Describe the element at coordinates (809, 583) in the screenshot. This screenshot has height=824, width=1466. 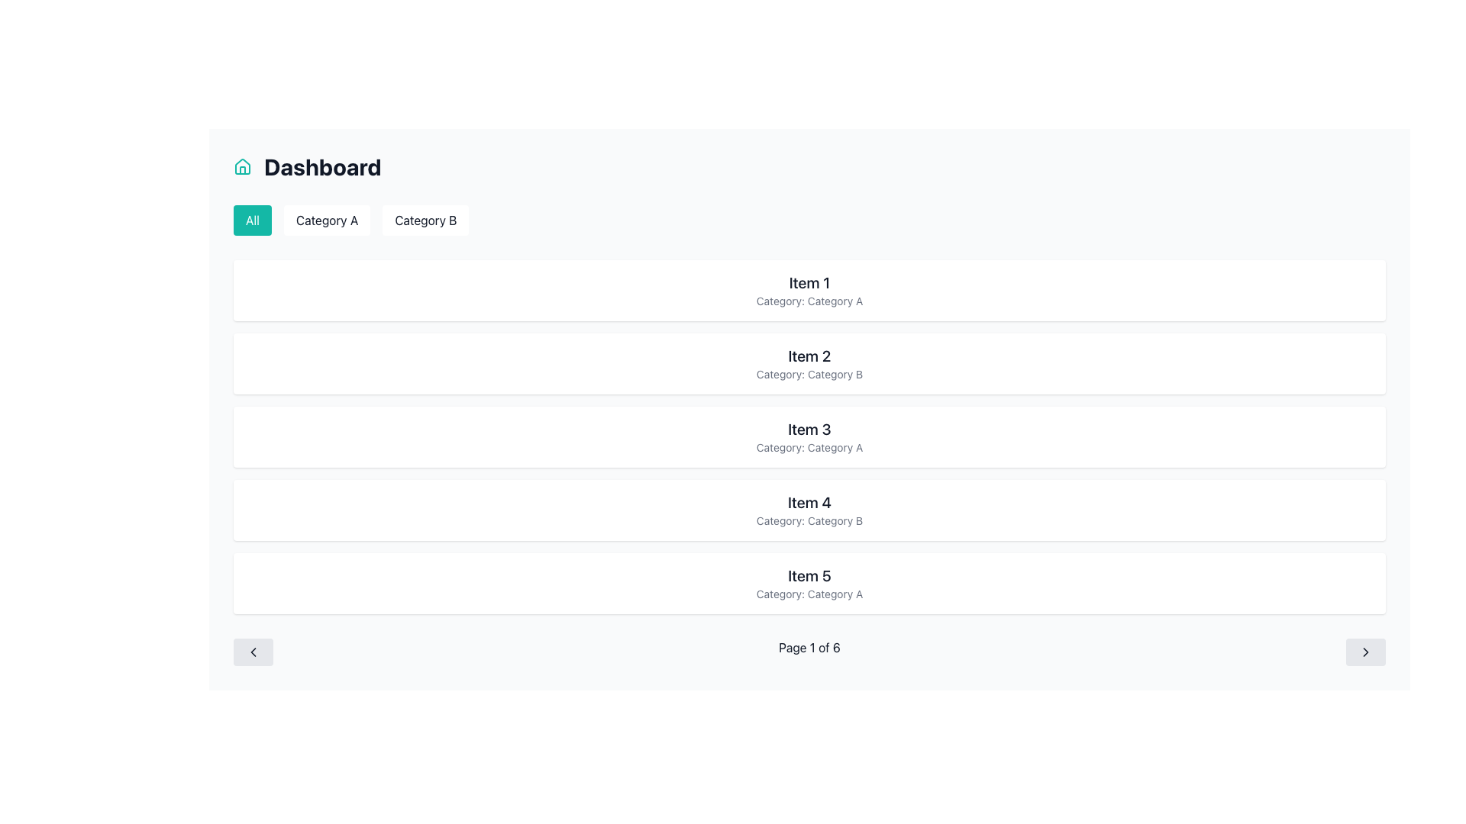
I see `the Informational Card displaying 'Item 5' with a gray text 'Category: Category A', which is the fifth card in a vertical list` at that location.